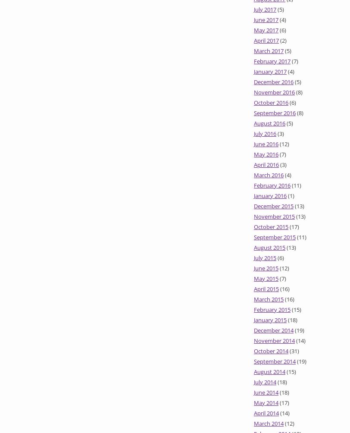  What do you see at coordinates (266, 164) in the screenshot?
I see `'April 2016'` at bounding box center [266, 164].